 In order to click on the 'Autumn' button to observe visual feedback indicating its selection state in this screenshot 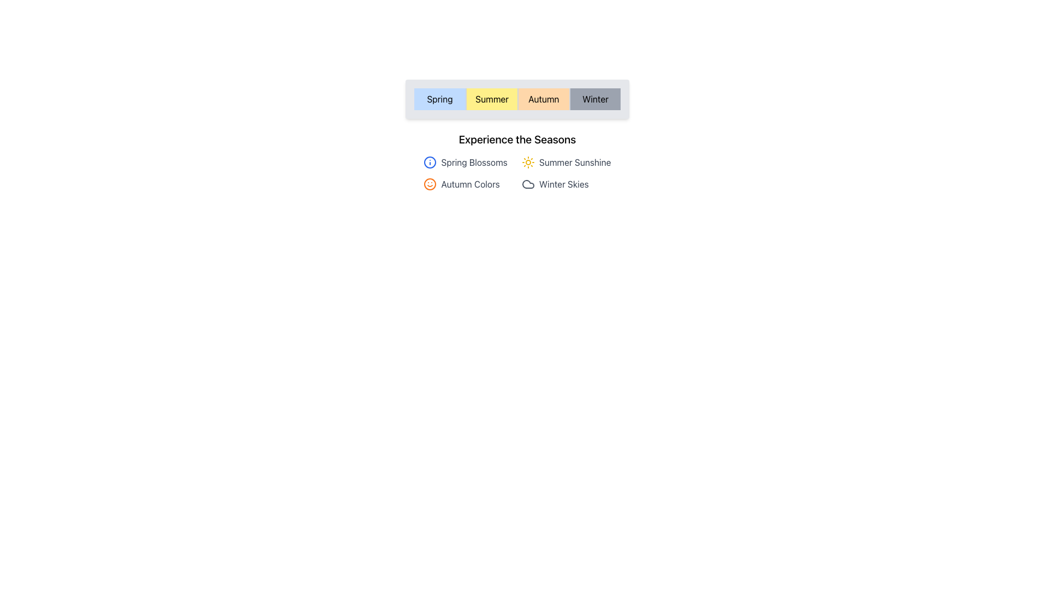, I will do `click(543, 99)`.